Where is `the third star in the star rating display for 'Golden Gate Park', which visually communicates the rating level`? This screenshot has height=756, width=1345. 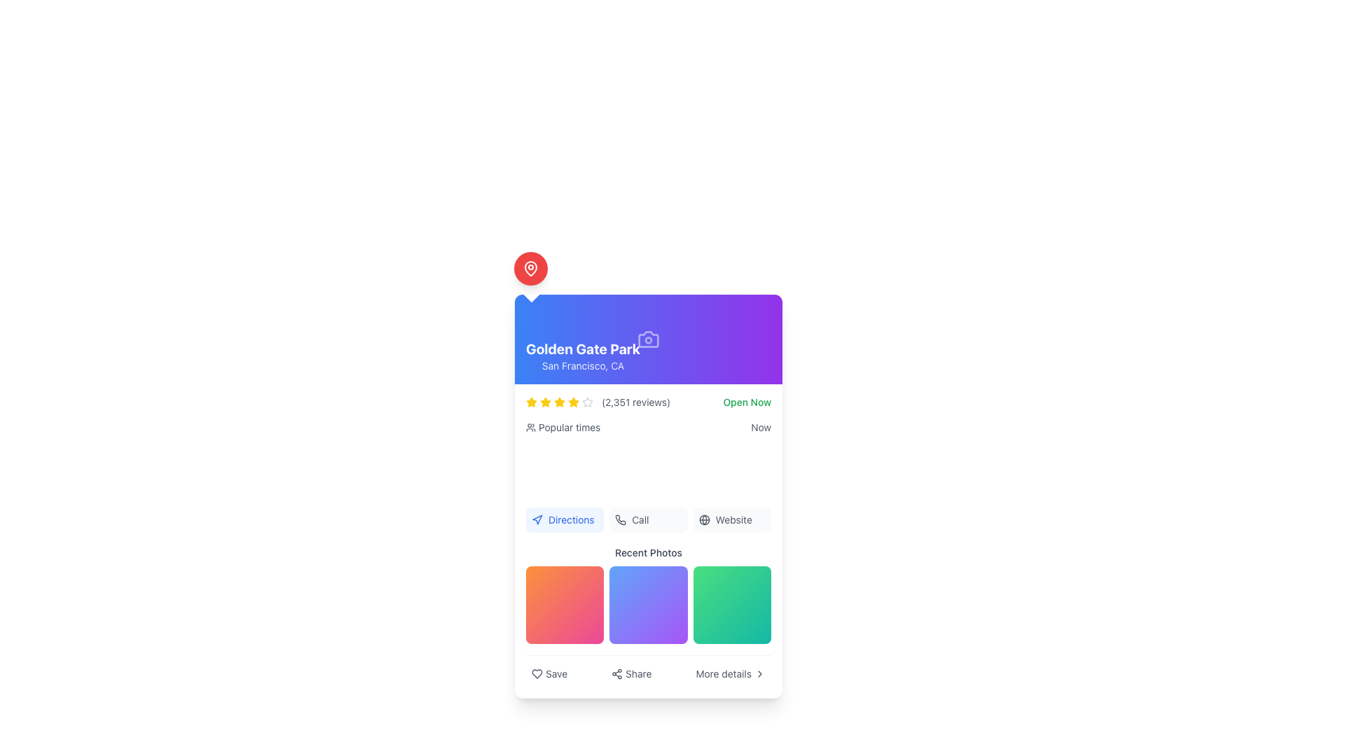 the third star in the star rating display for 'Golden Gate Park', which visually communicates the rating level is located at coordinates (544, 402).